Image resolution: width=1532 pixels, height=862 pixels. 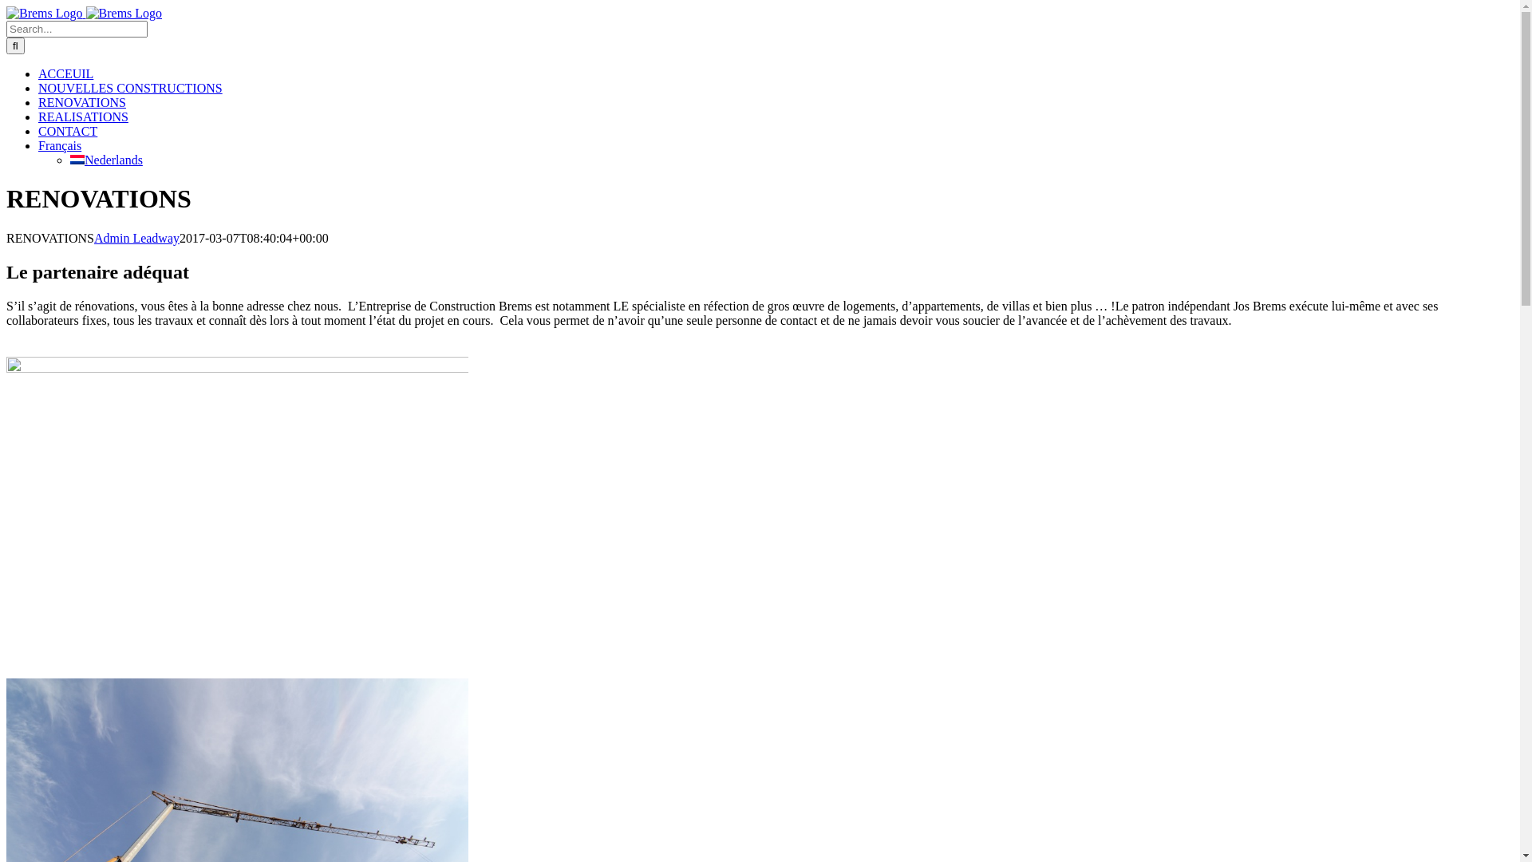 What do you see at coordinates (81, 102) in the screenshot?
I see `'RENOVATIONS'` at bounding box center [81, 102].